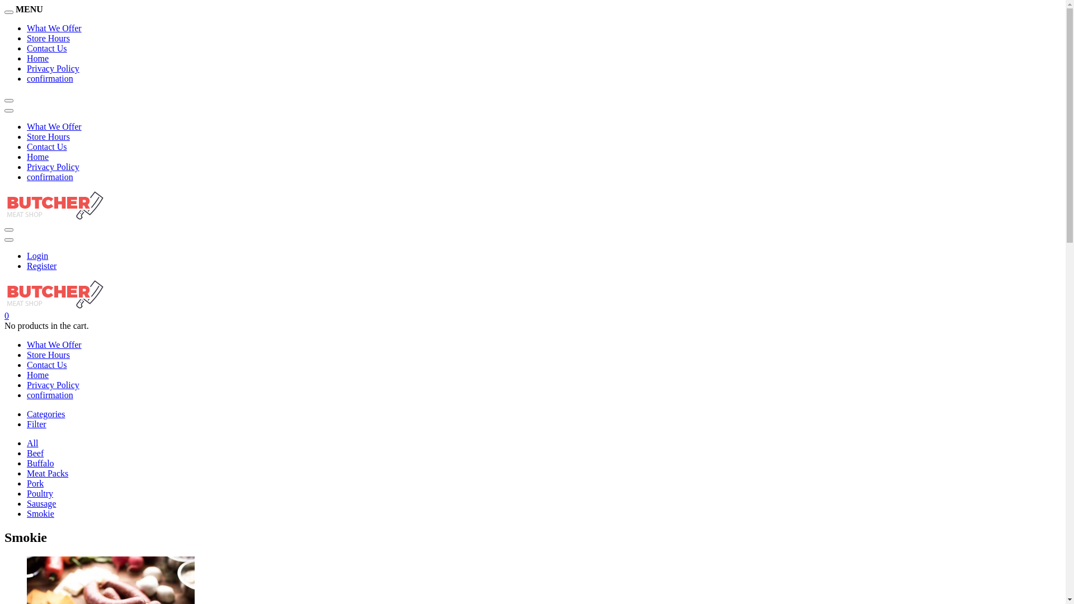  Describe the element at coordinates (49, 394) in the screenshot. I see `'confirmation'` at that location.